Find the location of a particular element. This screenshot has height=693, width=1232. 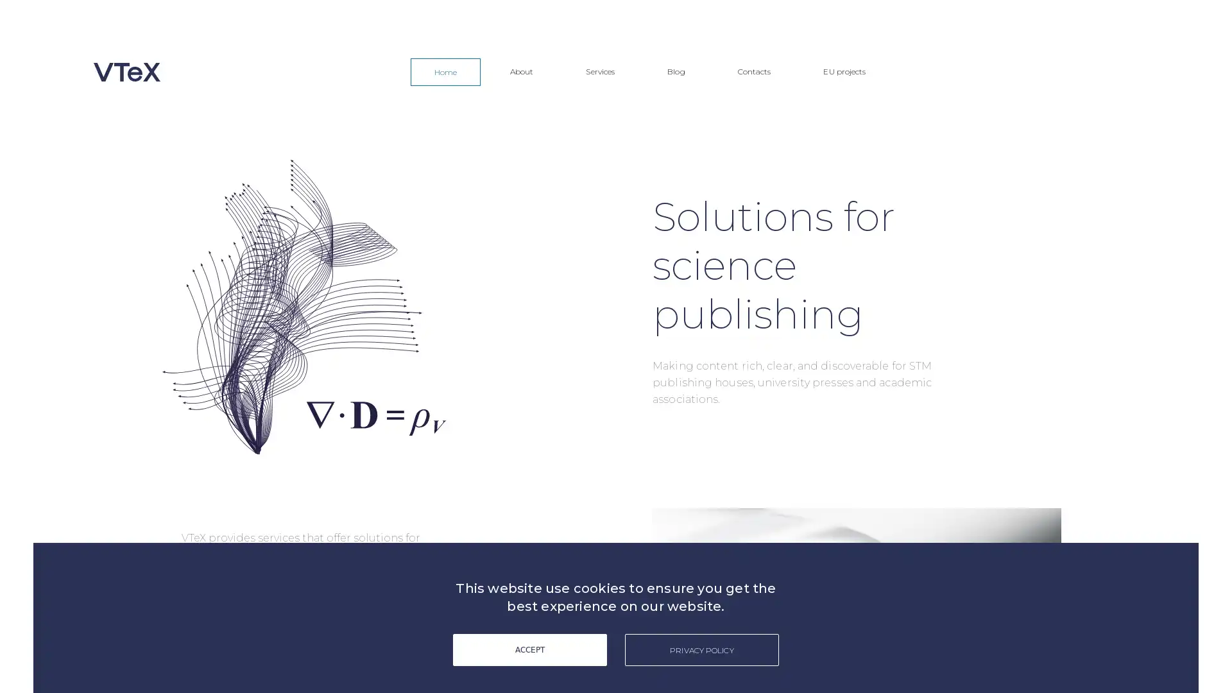

ACCEPT is located at coordinates (529, 650).